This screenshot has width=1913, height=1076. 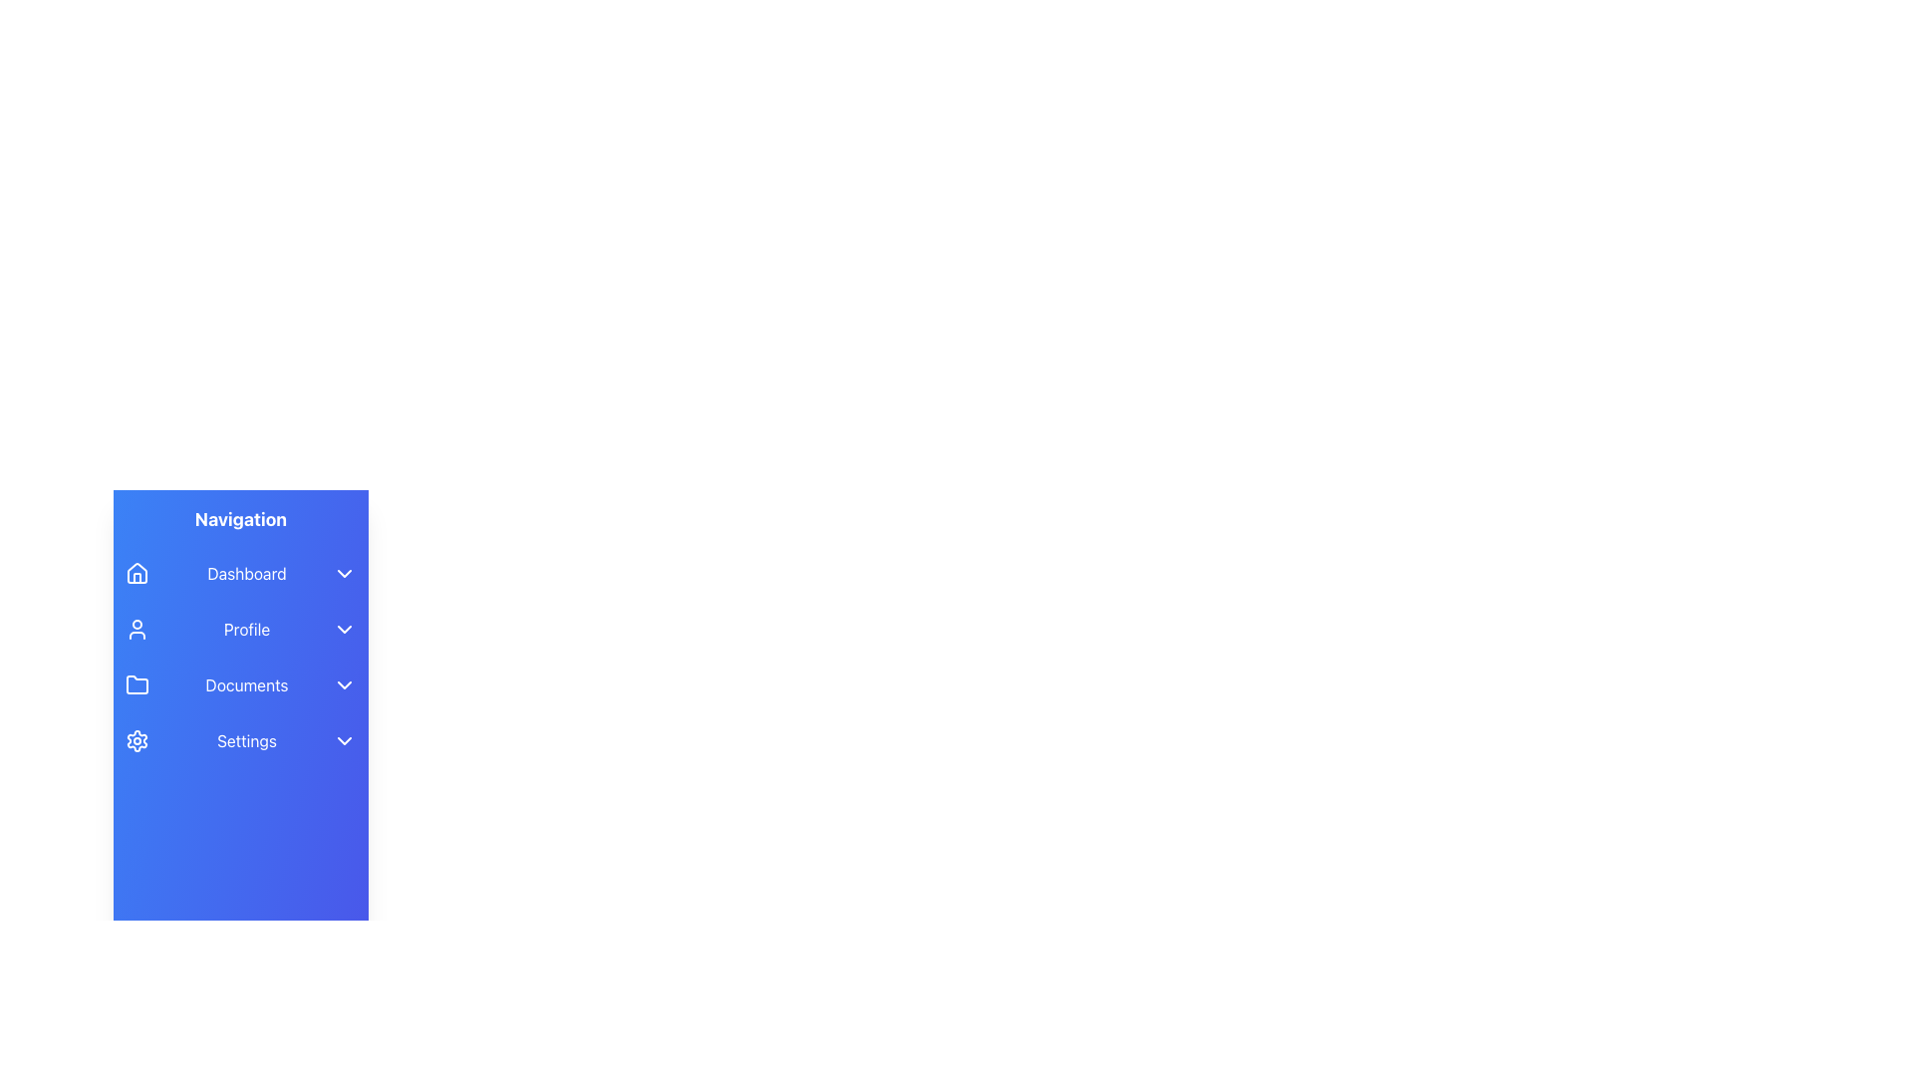 I want to click on the house icon in the sidebar navigation menu, which includes the door shape, so click(x=137, y=577).